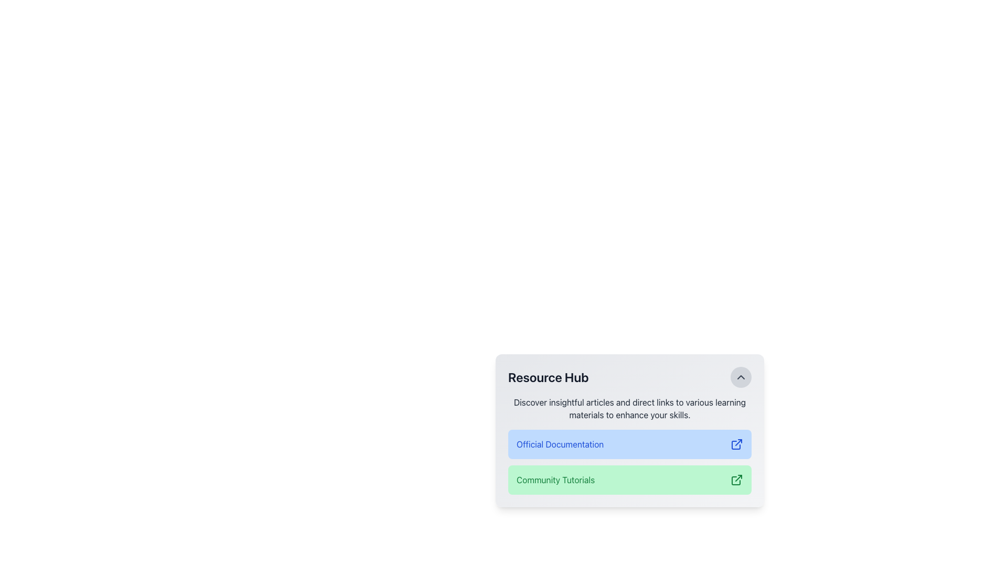 The height and width of the screenshot is (566, 1007). I want to click on the button for 'Official Documentation' located in the 'Resource Hub' section to visualize hover effects, so click(629, 445).